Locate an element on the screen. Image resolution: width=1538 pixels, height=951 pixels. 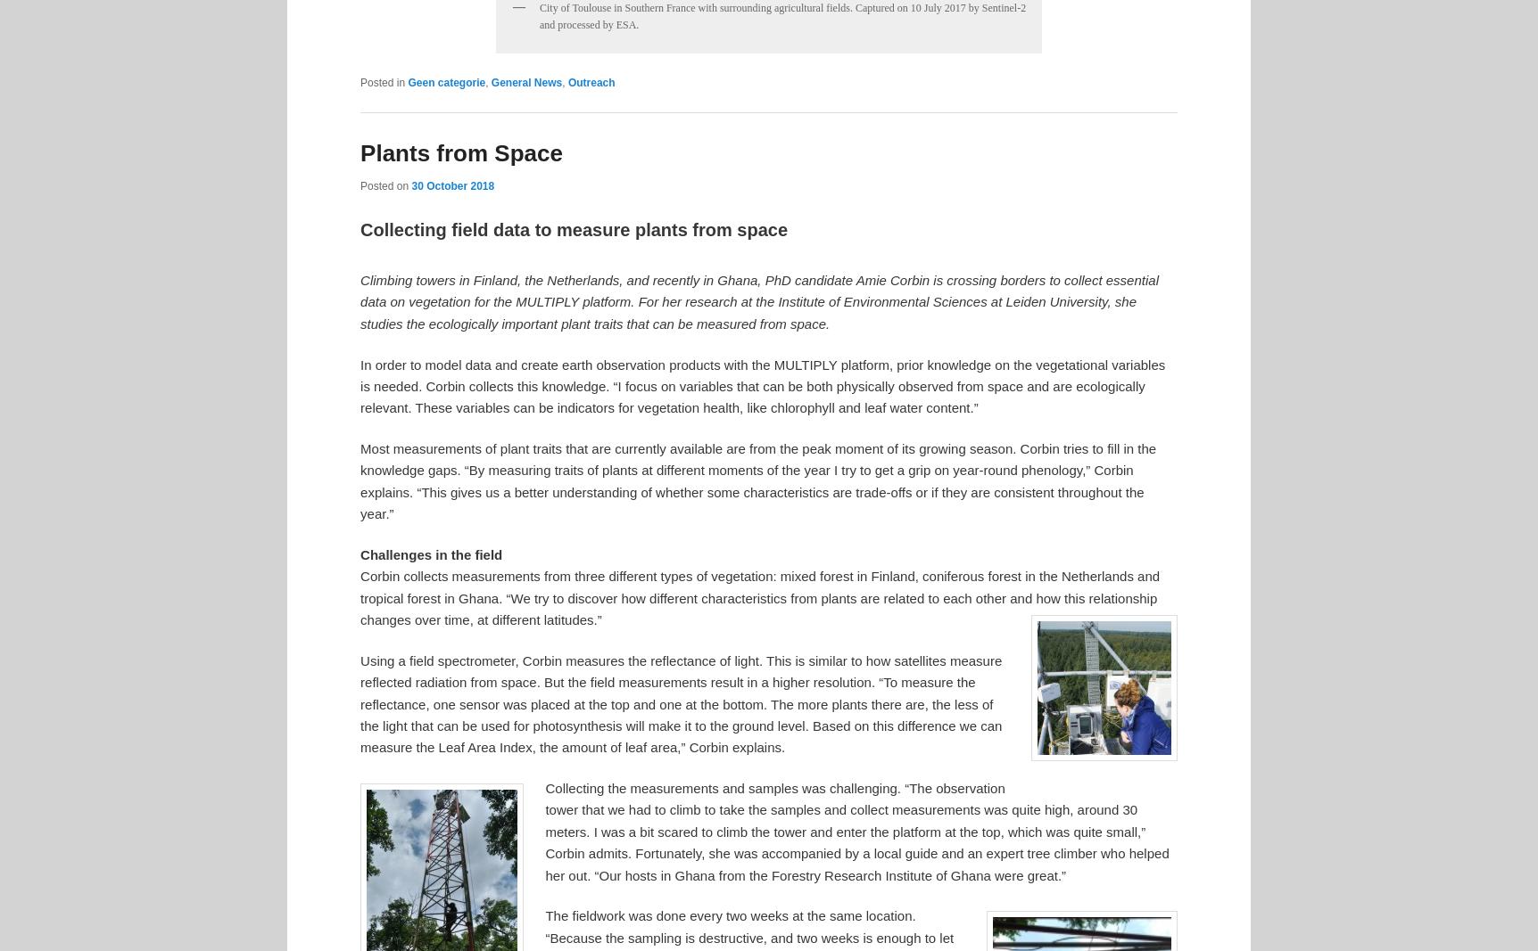
'Outreach' is located at coordinates (590, 82).